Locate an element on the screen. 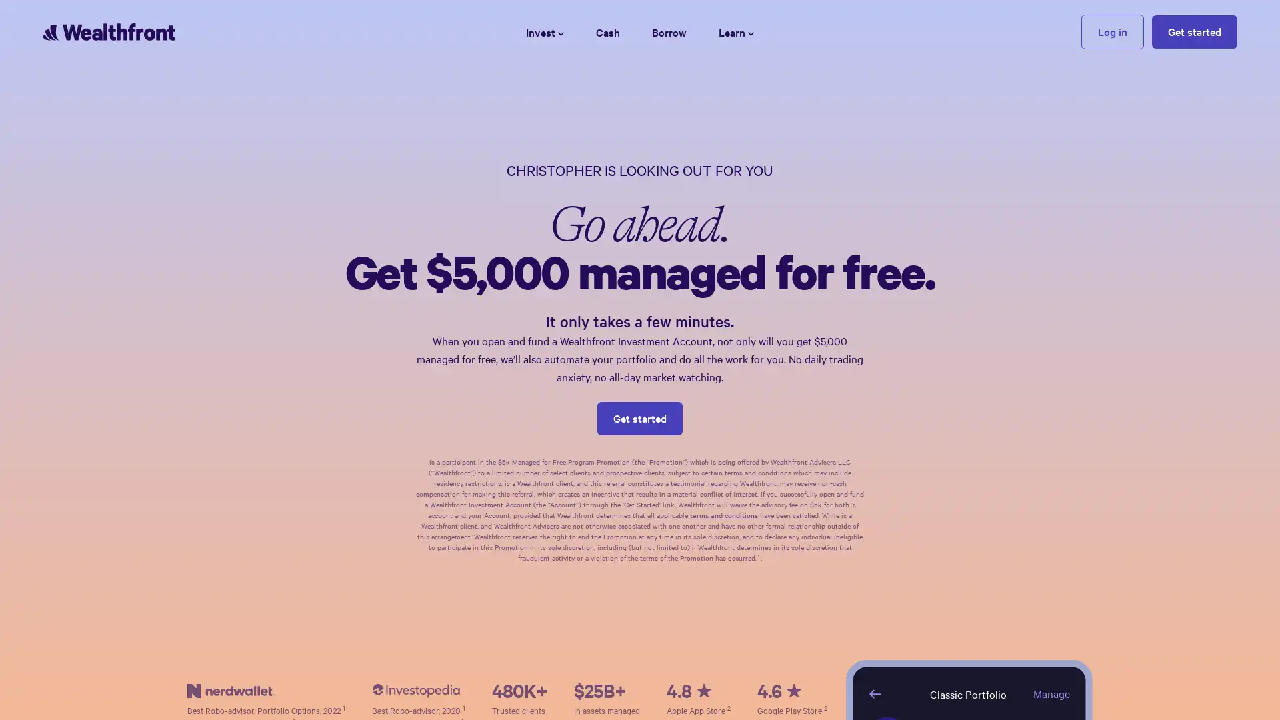 The height and width of the screenshot is (720, 1280). Learn is located at coordinates (735, 31).